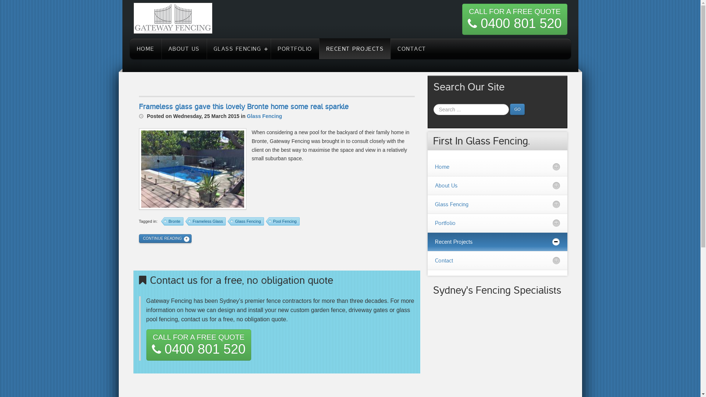 This screenshot has height=397, width=706. I want to click on 'CALL FOR A FREE QUOTE, so click(462, 19).